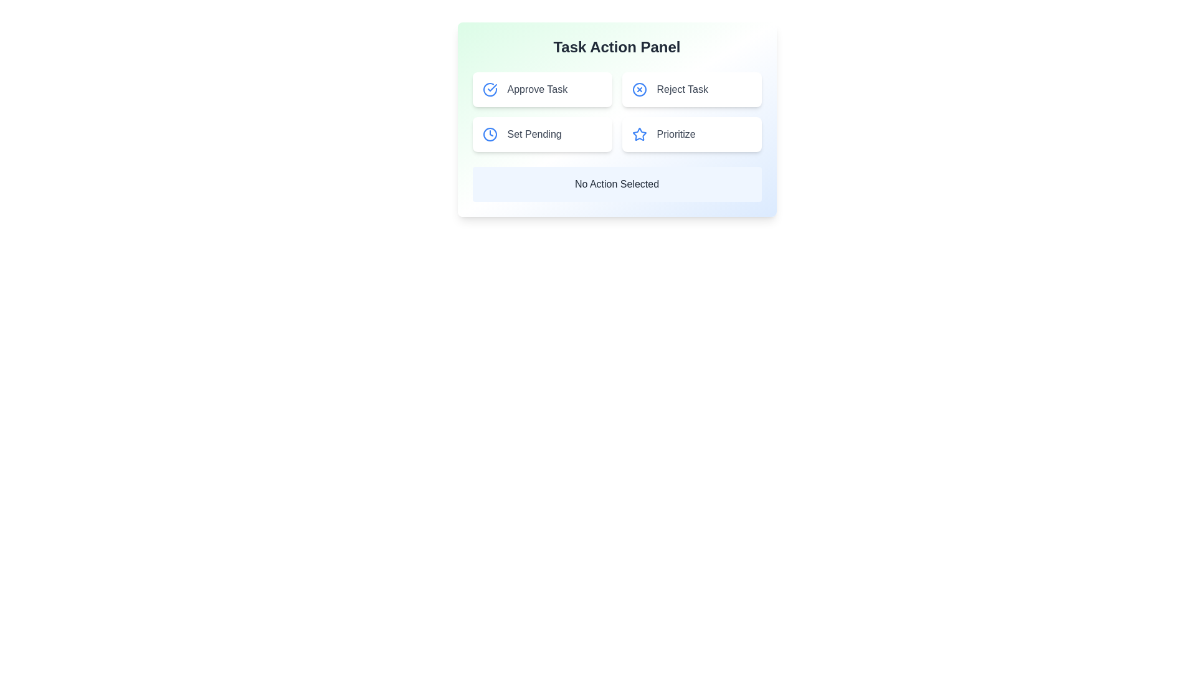 Image resolution: width=1196 pixels, height=673 pixels. Describe the element at coordinates (542, 135) in the screenshot. I see `the 'Set Pending' button with a clock icon located in the bottom-left quadrant of the grid layout under the 'Task Action Panel' to observe its hover effect` at that location.